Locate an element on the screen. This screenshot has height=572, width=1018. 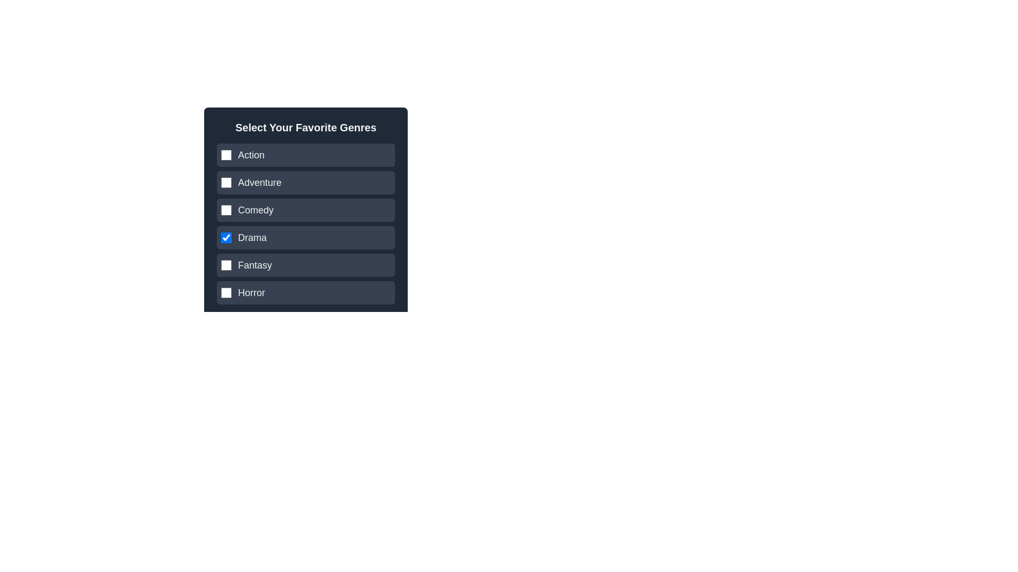
the non-interactive 'Comedy' genre label, which is the third item in a list of genre labels, positioned to the right of the associated checkbox is located at coordinates (256, 210).